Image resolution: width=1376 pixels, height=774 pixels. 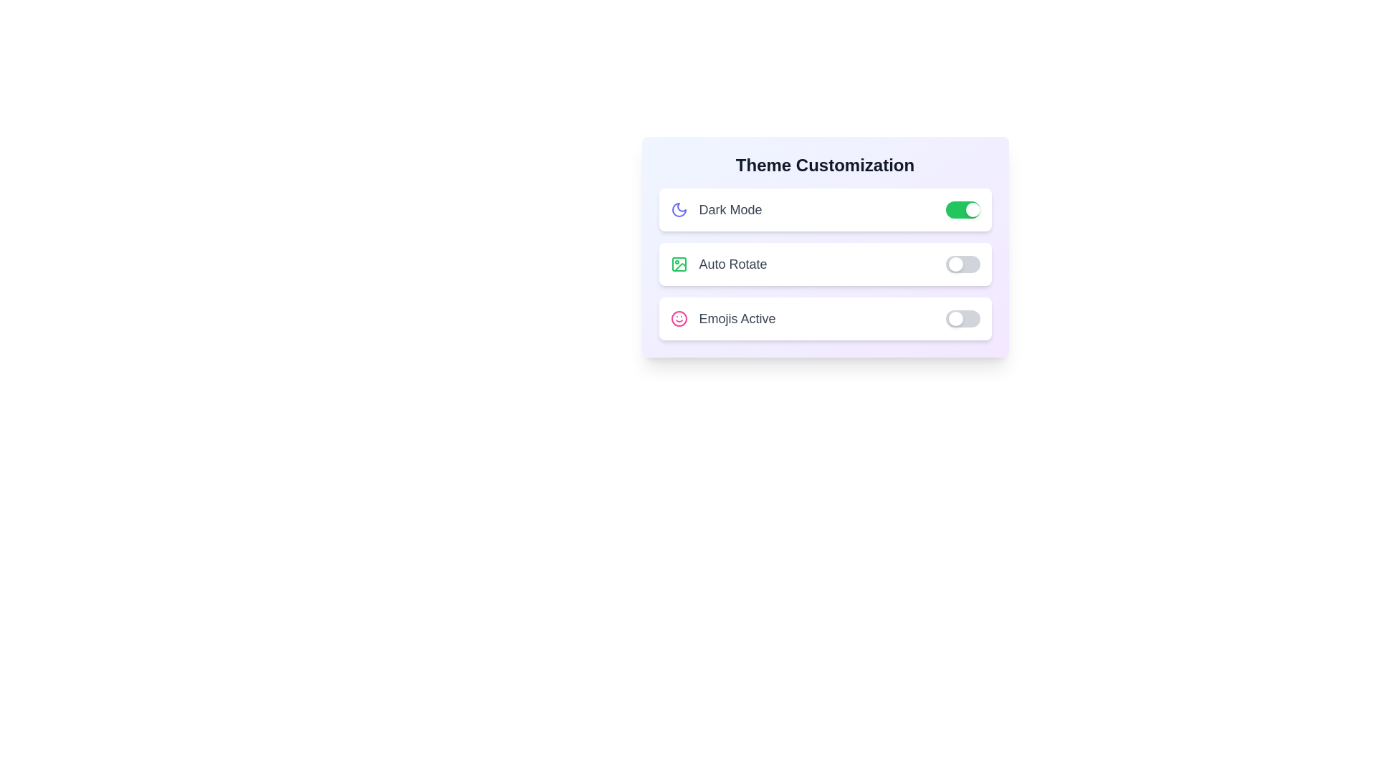 I want to click on the 'Dark Mode' toggle switch, so click(x=825, y=210).